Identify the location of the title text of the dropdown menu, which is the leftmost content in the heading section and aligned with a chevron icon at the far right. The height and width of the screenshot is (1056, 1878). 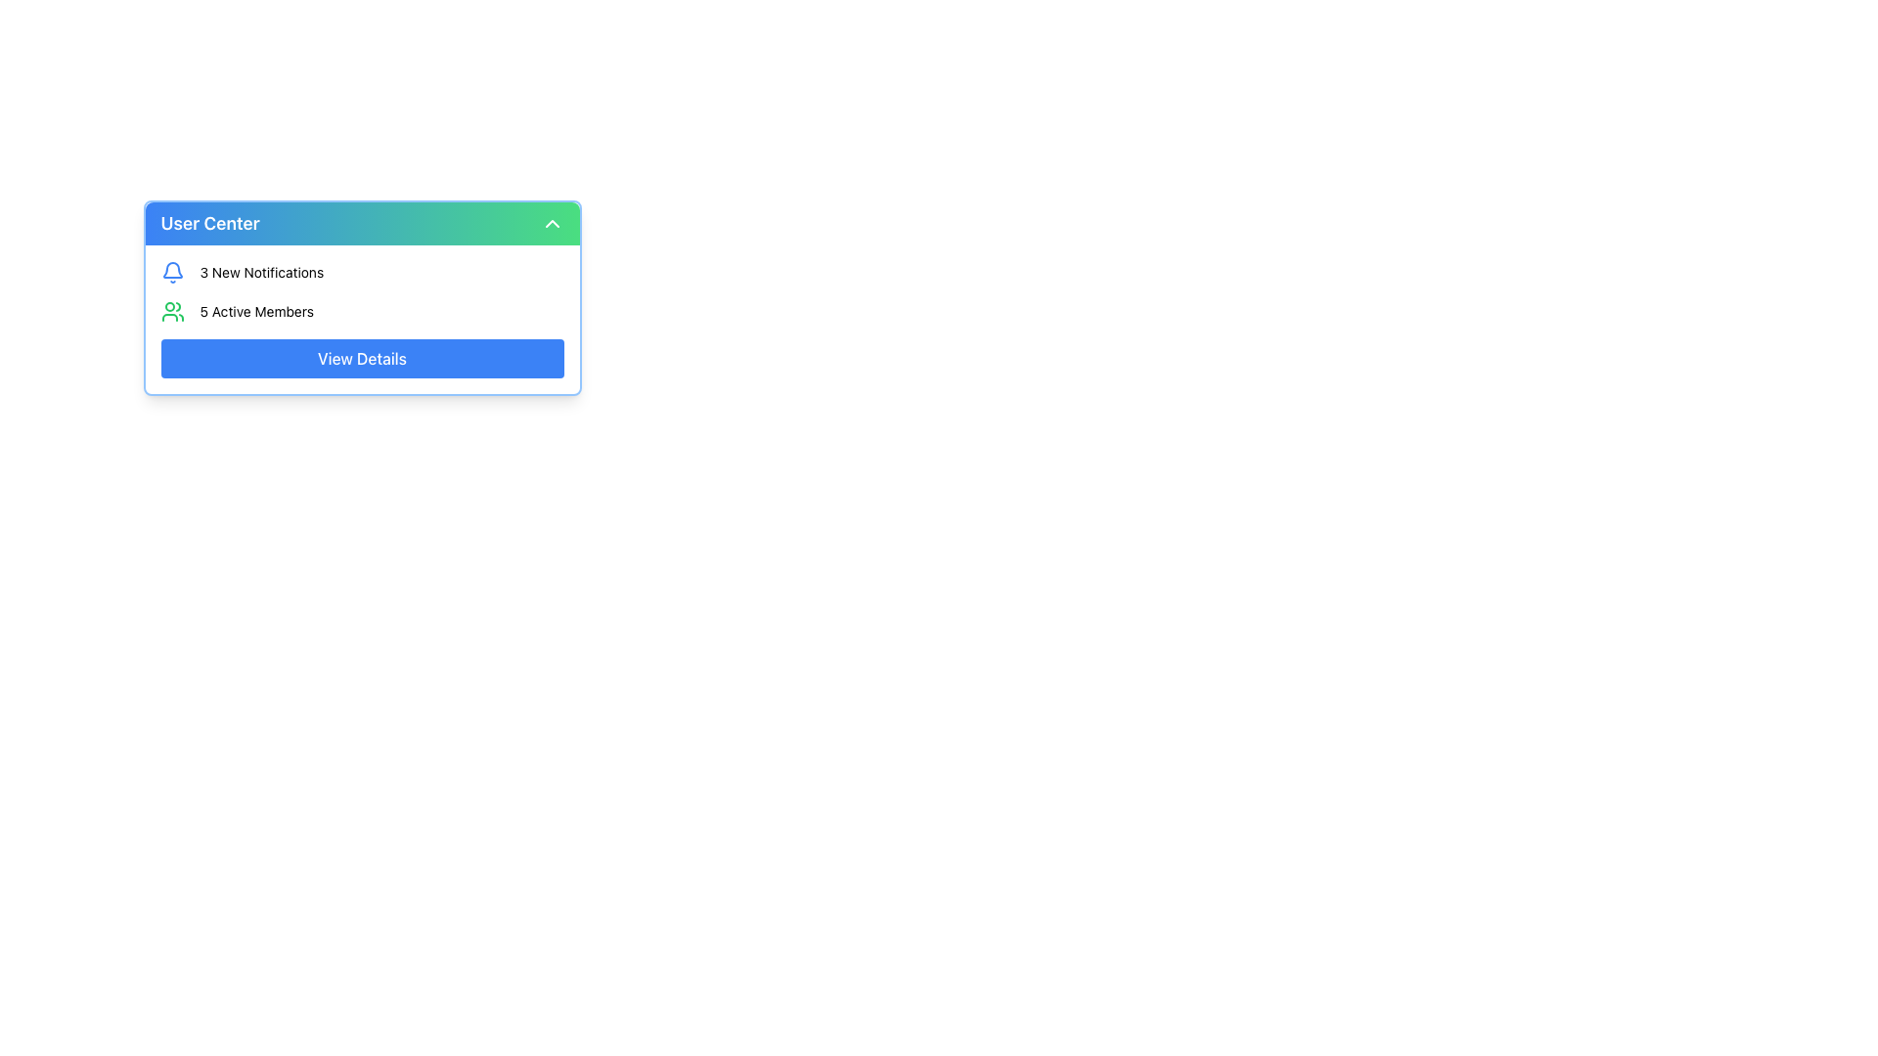
(210, 222).